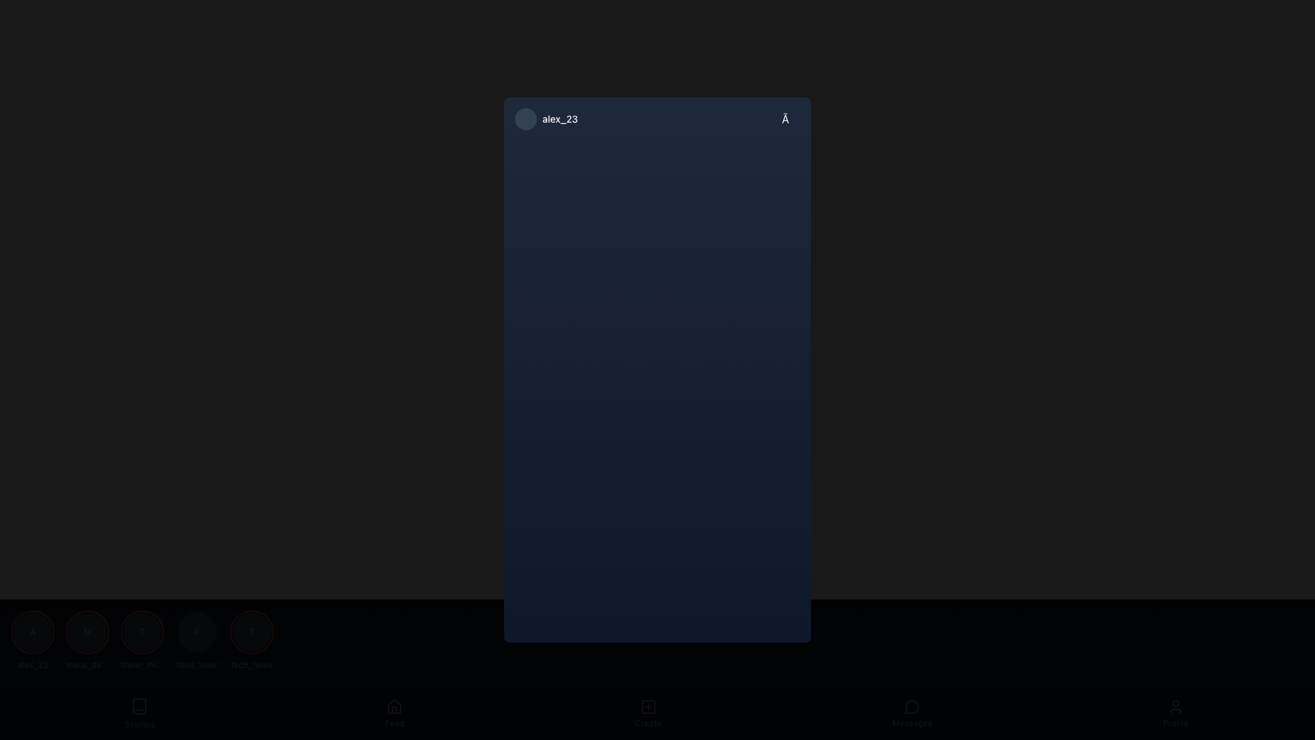 This screenshot has height=740, width=1315. I want to click on the profile identifier text 'alex_23', so click(545, 118).